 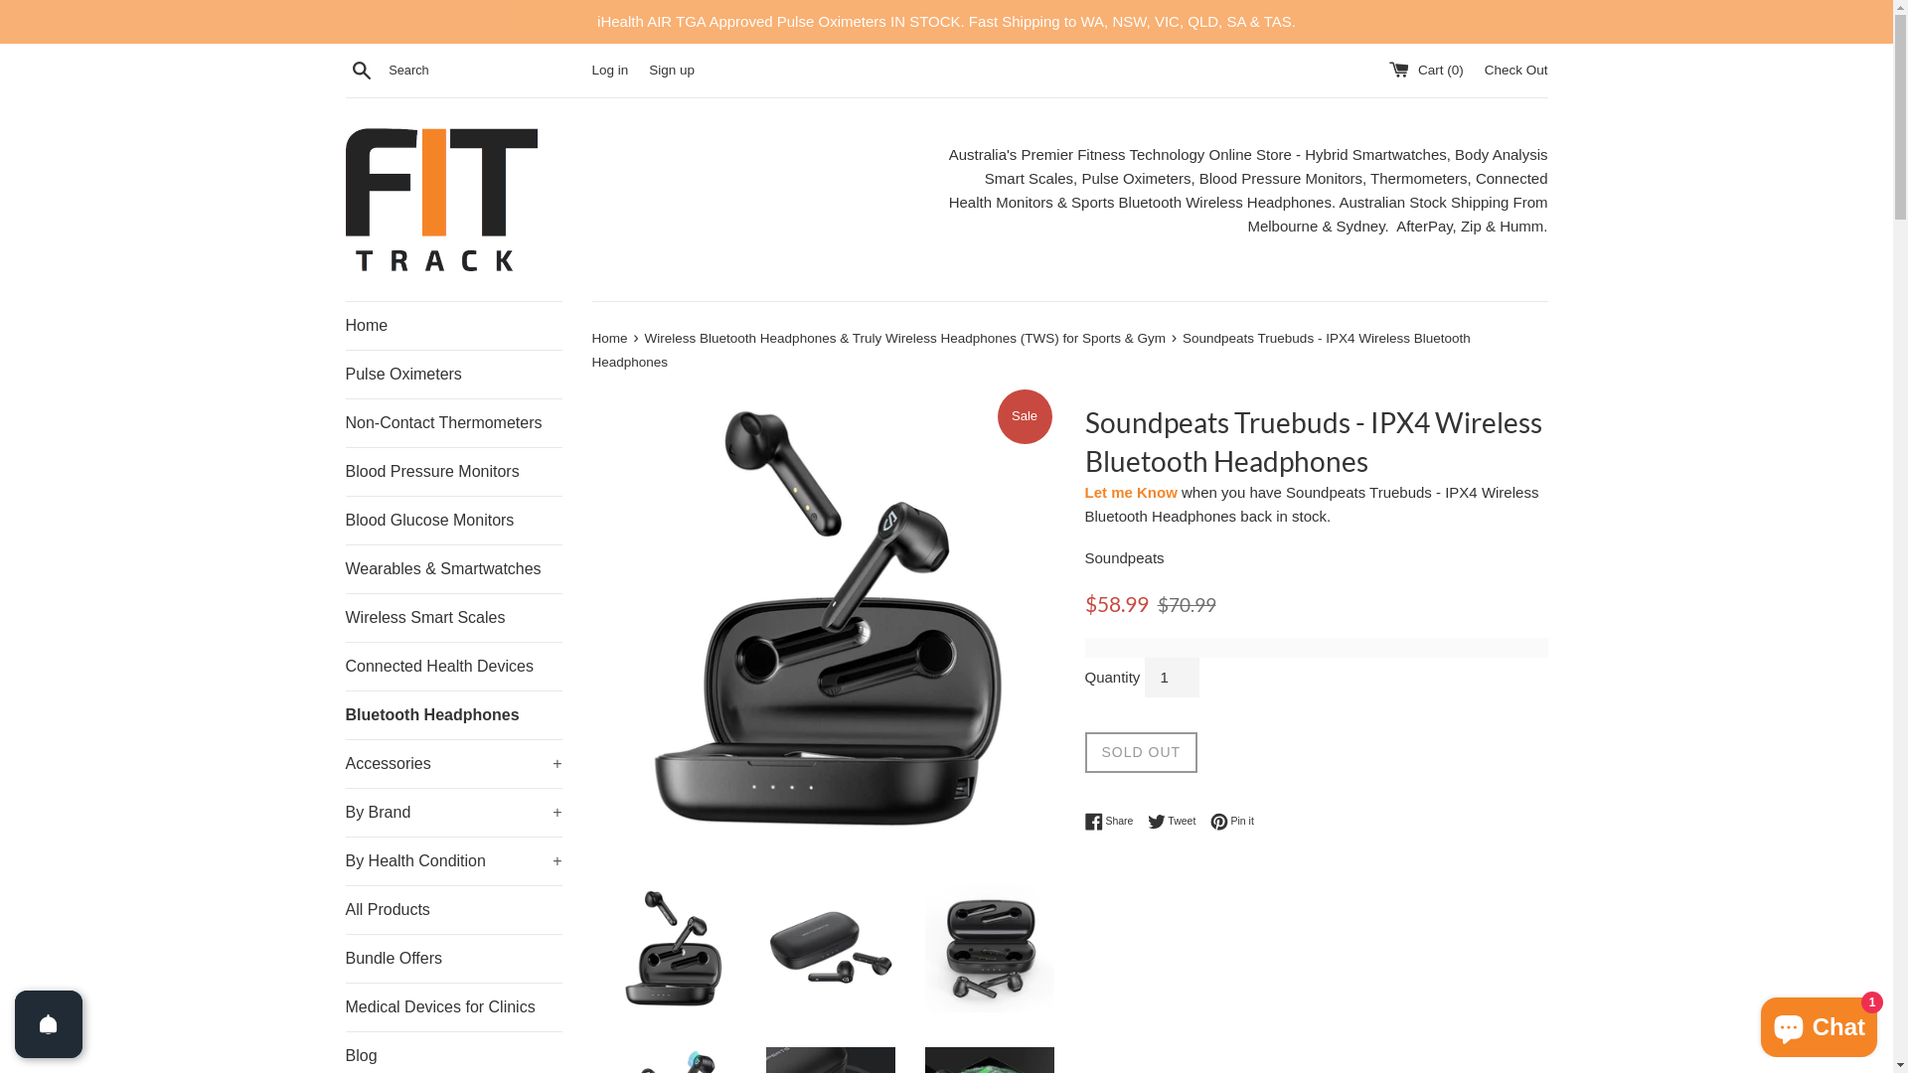 What do you see at coordinates (672, 69) in the screenshot?
I see `'Sign up'` at bounding box center [672, 69].